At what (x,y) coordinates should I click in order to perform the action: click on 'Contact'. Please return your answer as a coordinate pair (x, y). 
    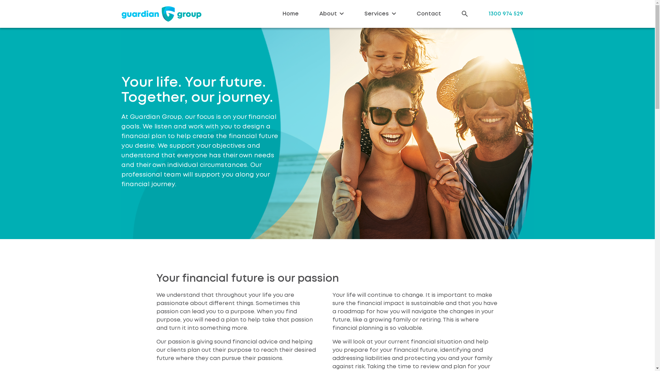
    Looking at the image, I should click on (428, 13).